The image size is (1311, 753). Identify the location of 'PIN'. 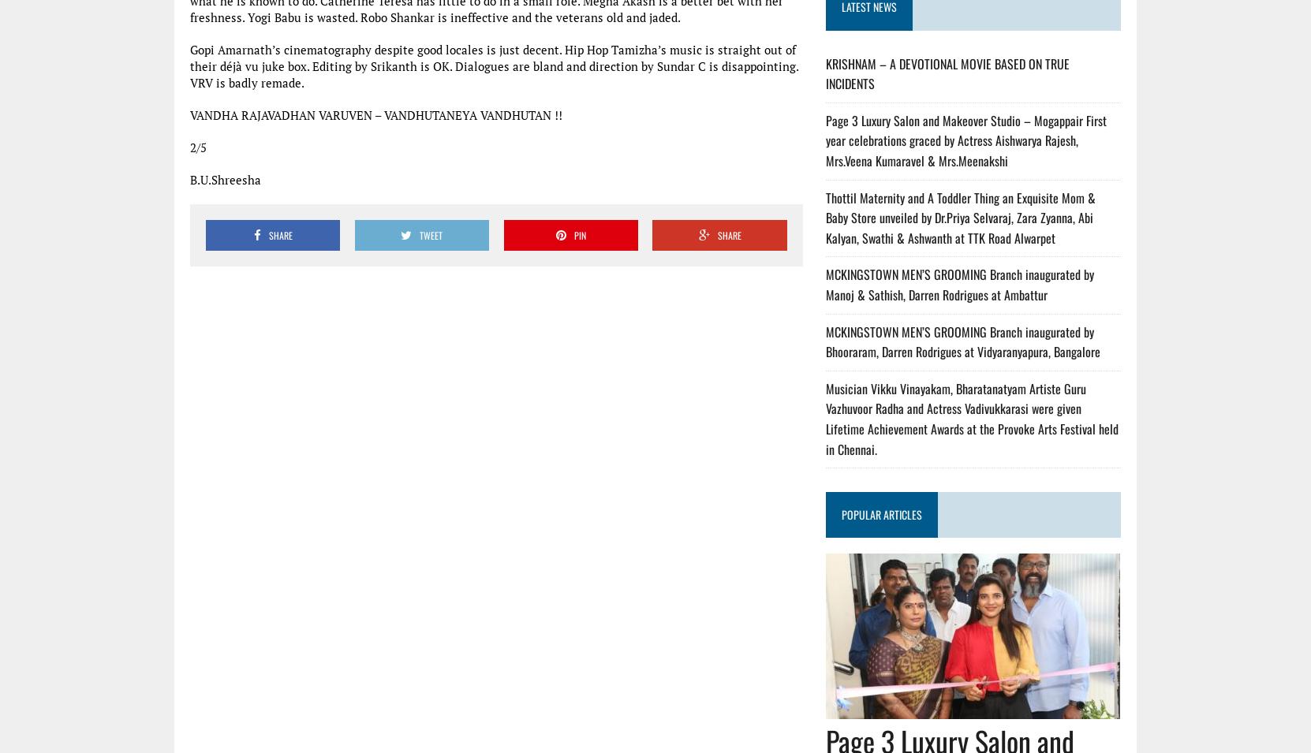
(578, 235).